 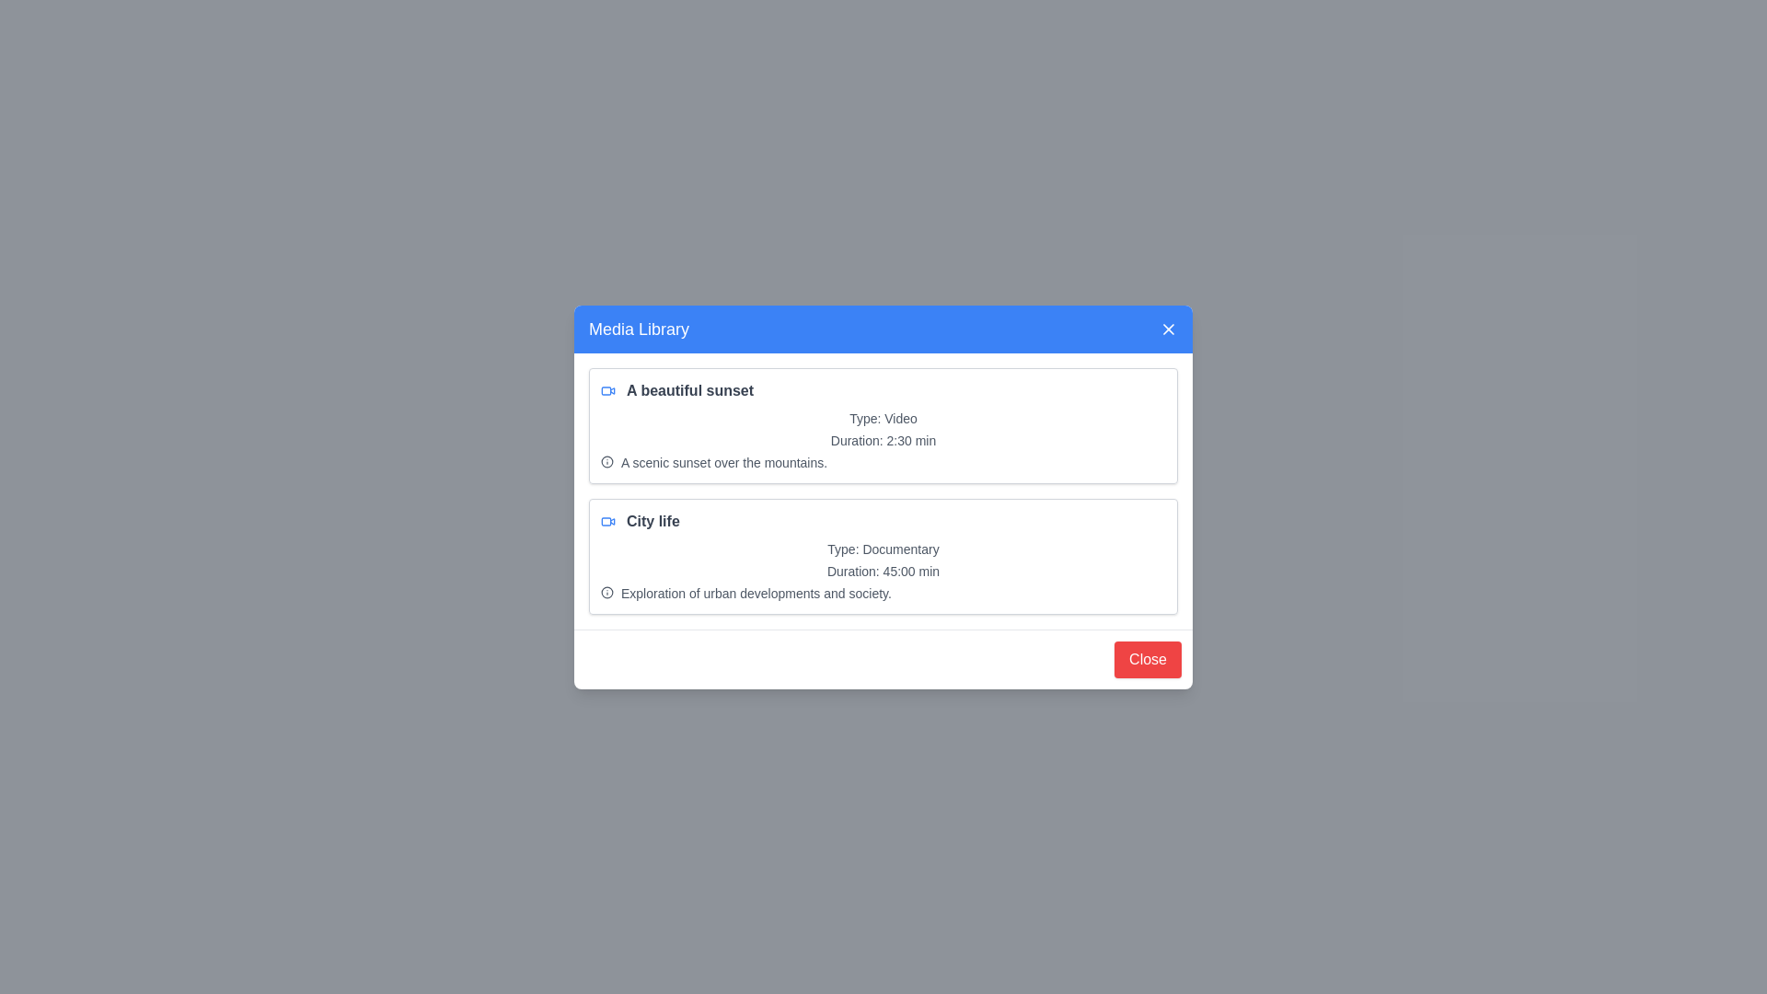 What do you see at coordinates (1147, 658) in the screenshot?
I see `the close button located in the bottom-right corner of the 'Media Library' modal window to observe the hover effect` at bounding box center [1147, 658].